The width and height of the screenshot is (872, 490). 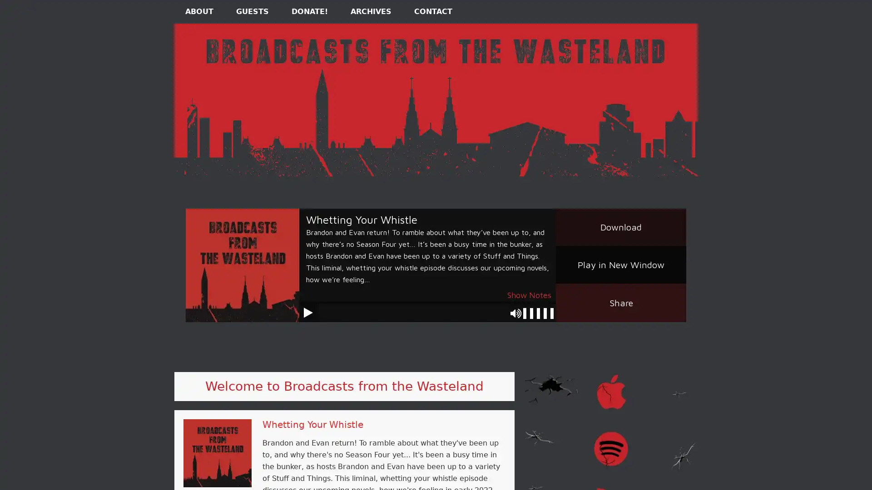 I want to click on Play, so click(x=308, y=313).